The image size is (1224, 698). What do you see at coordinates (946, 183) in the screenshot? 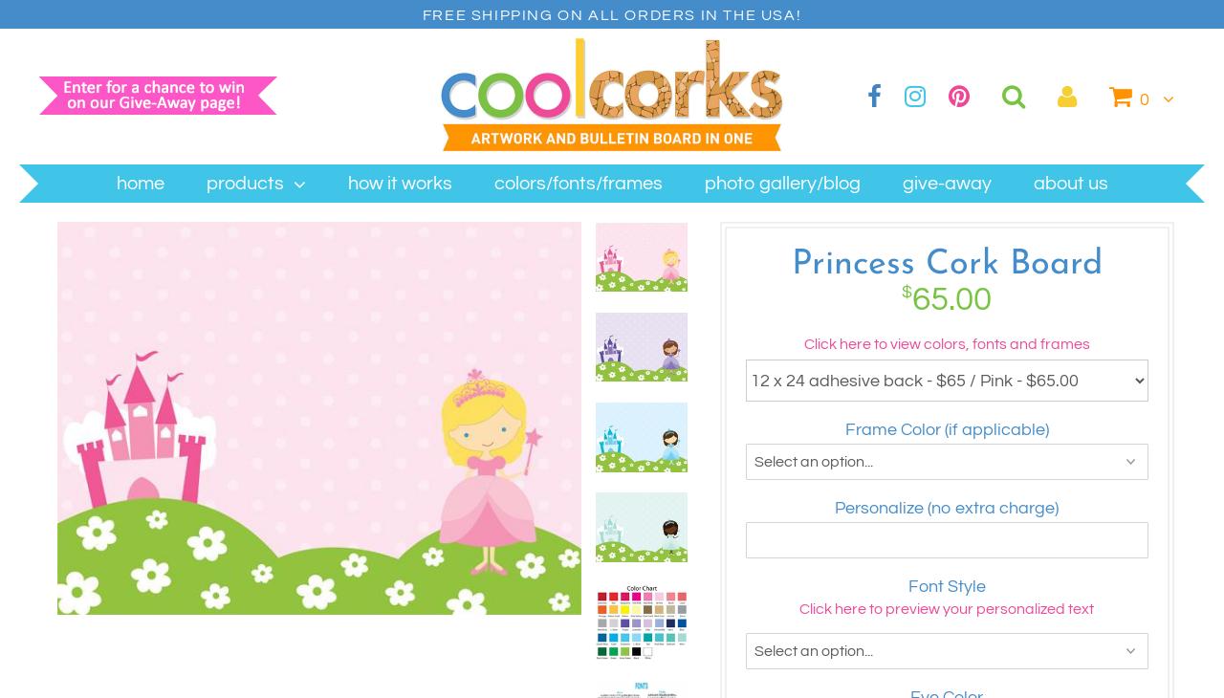
I see `'Give-Away'` at bounding box center [946, 183].